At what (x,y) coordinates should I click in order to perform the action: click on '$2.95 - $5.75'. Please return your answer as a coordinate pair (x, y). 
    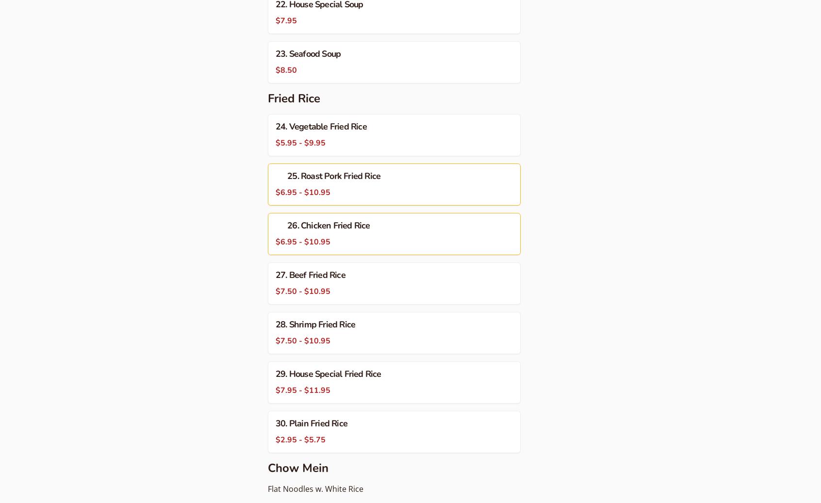
    Looking at the image, I should click on (300, 439).